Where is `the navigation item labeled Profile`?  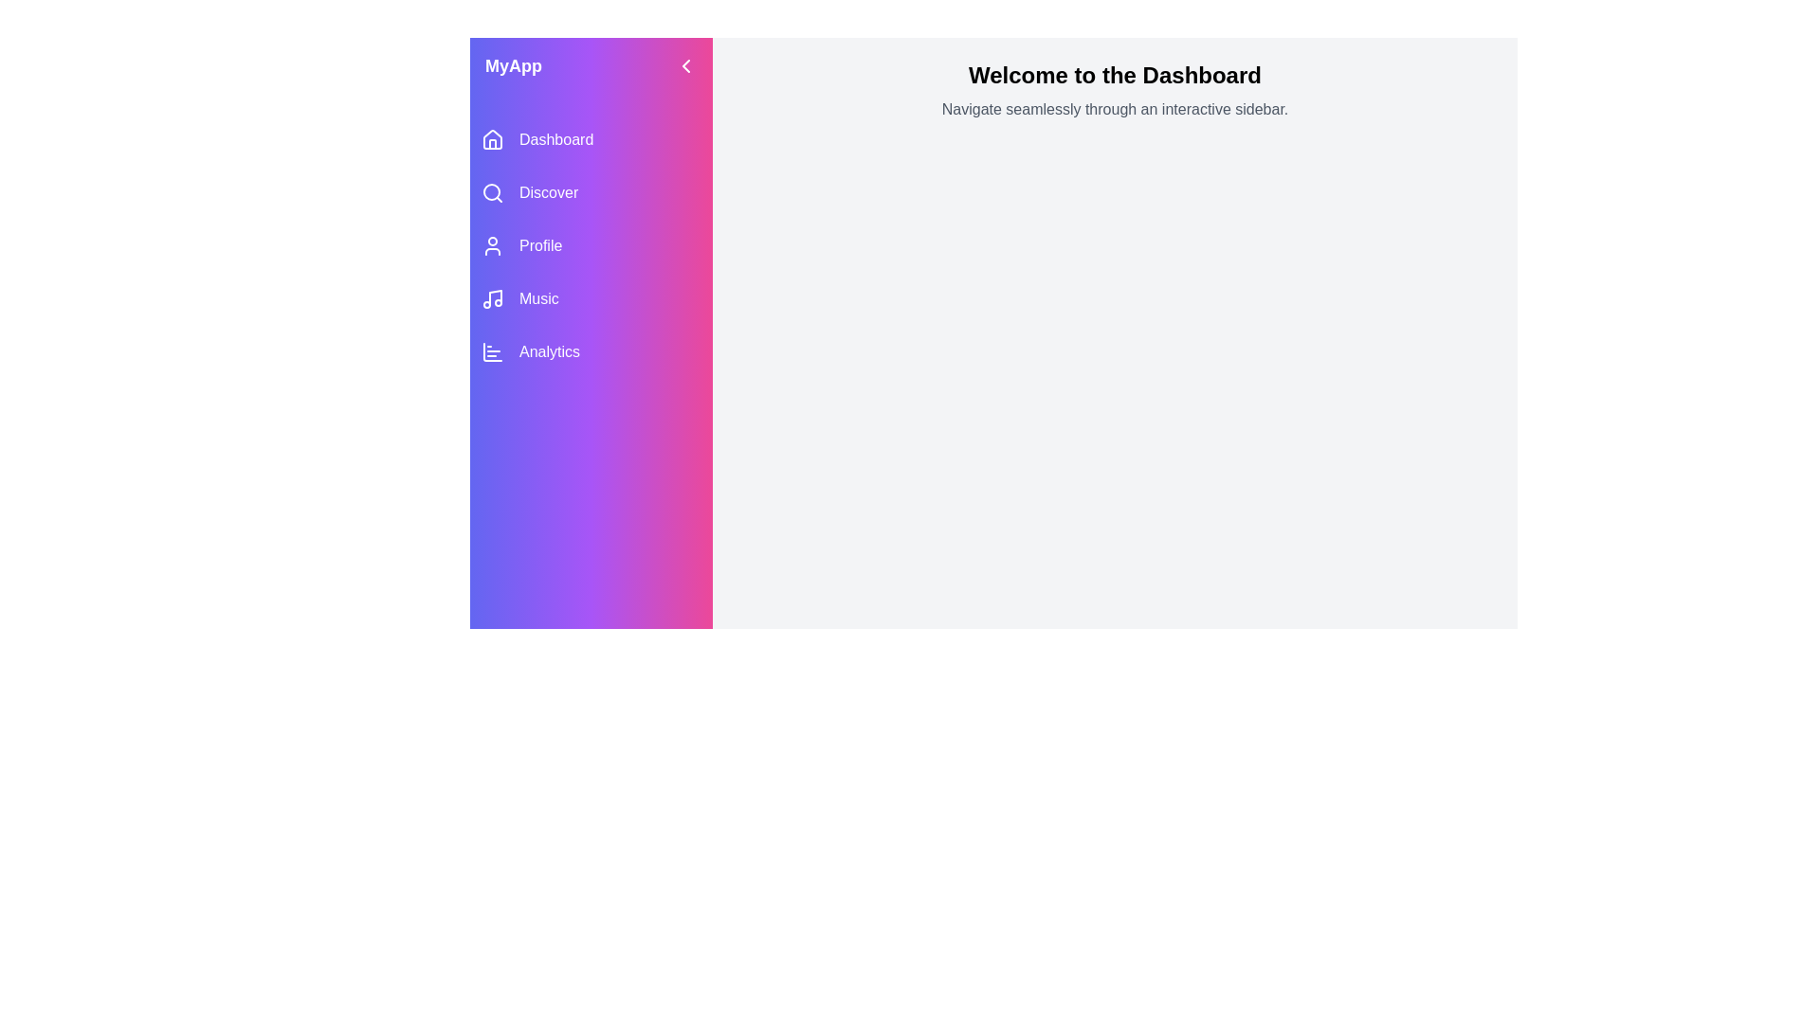 the navigation item labeled Profile is located at coordinates (591, 244).